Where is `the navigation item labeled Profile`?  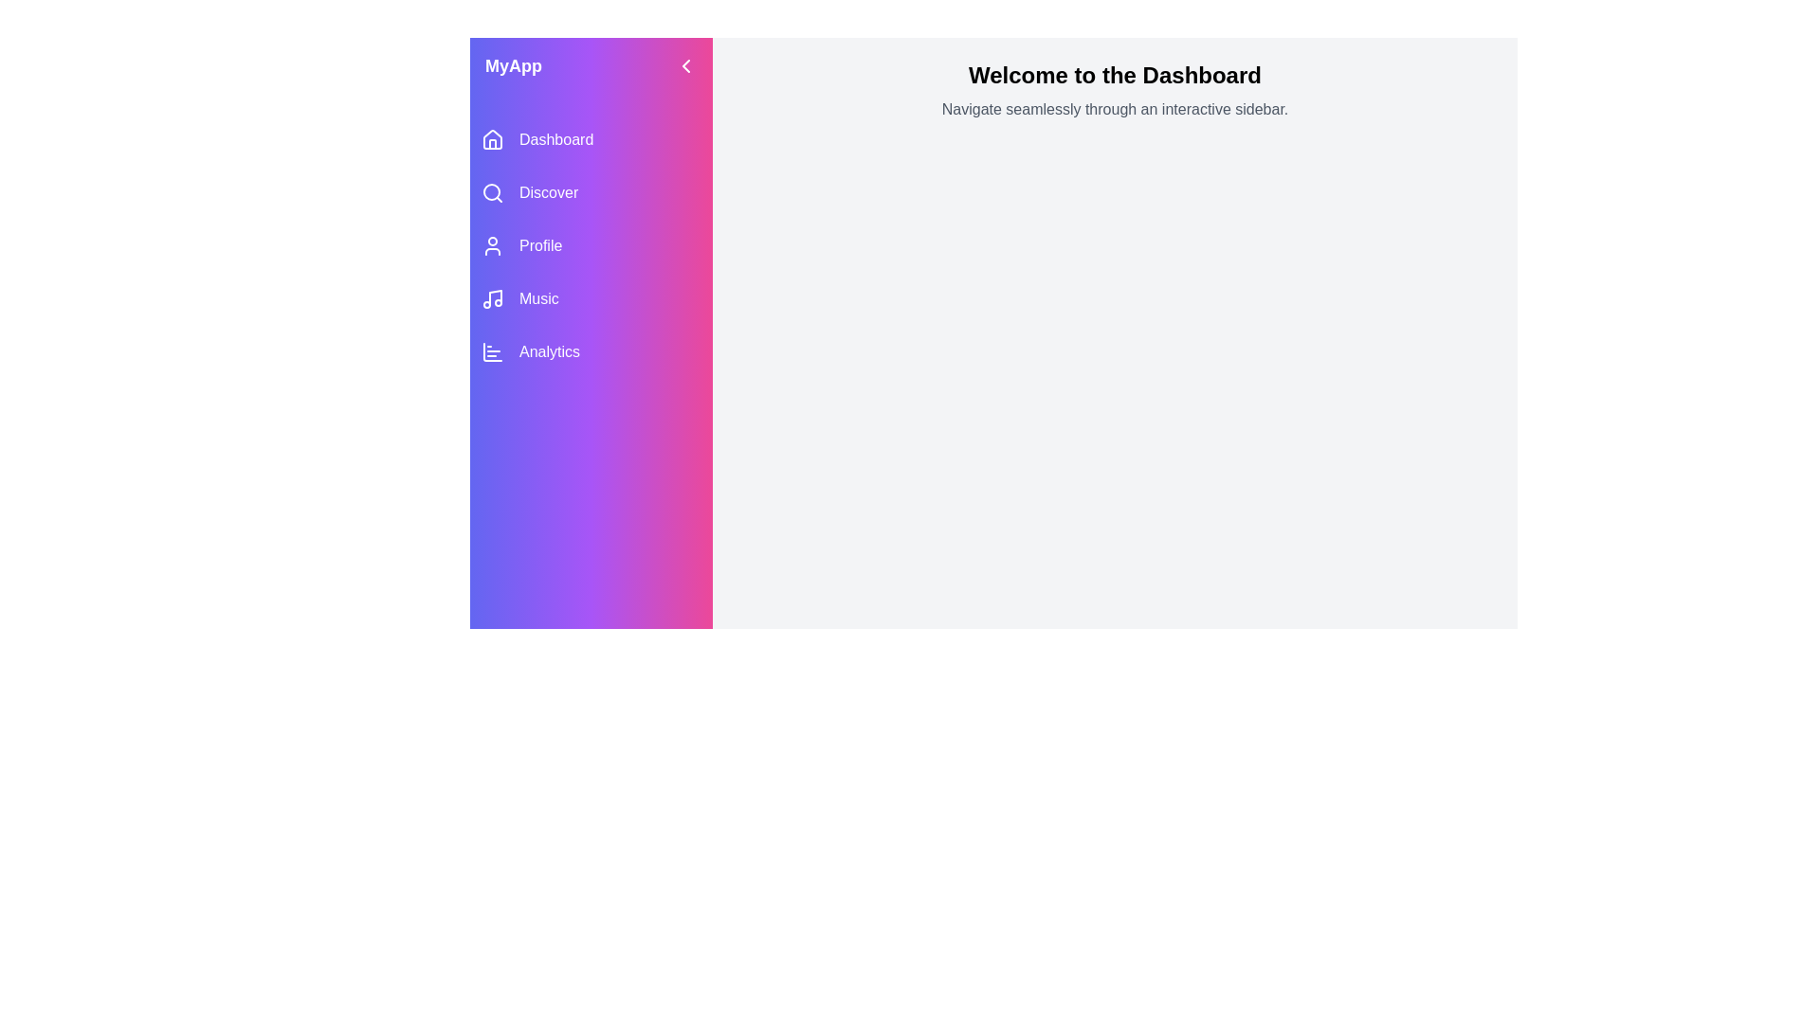 the navigation item labeled Profile is located at coordinates (591, 244).